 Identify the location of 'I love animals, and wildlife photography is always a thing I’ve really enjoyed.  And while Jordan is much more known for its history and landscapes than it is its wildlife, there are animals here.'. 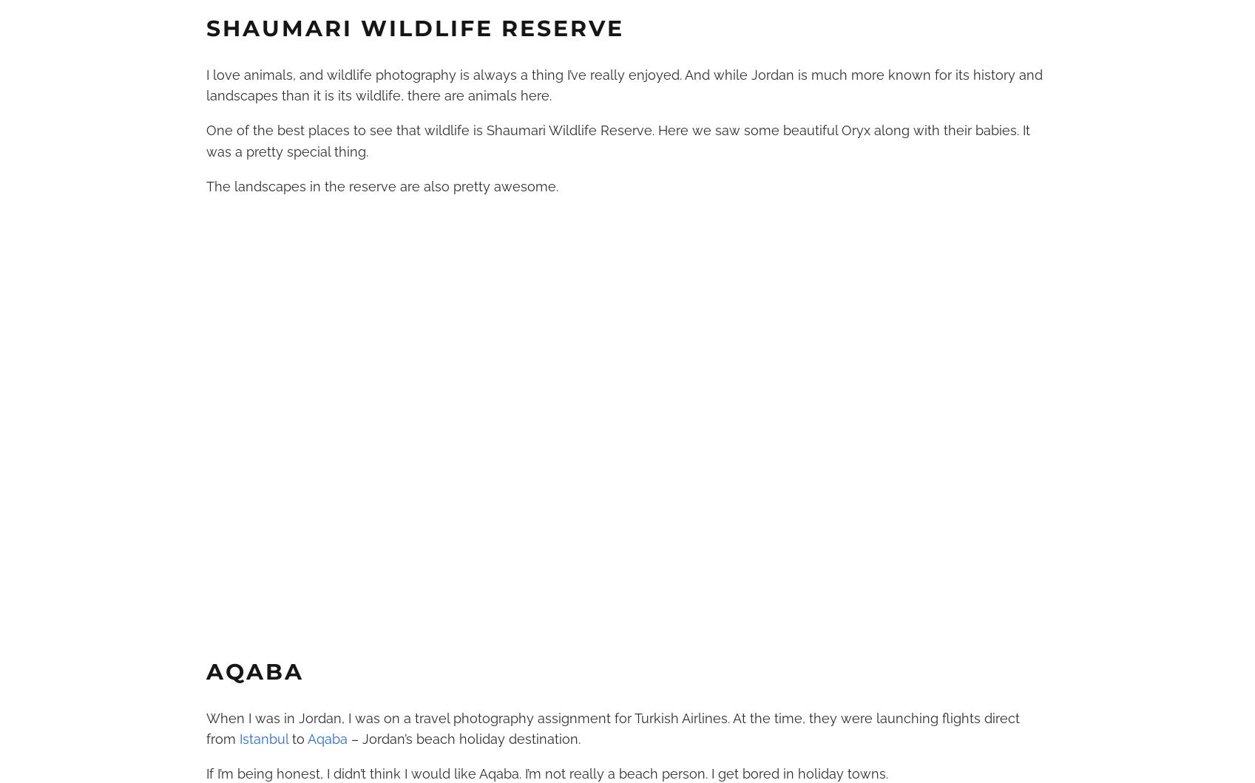
(623, 85).